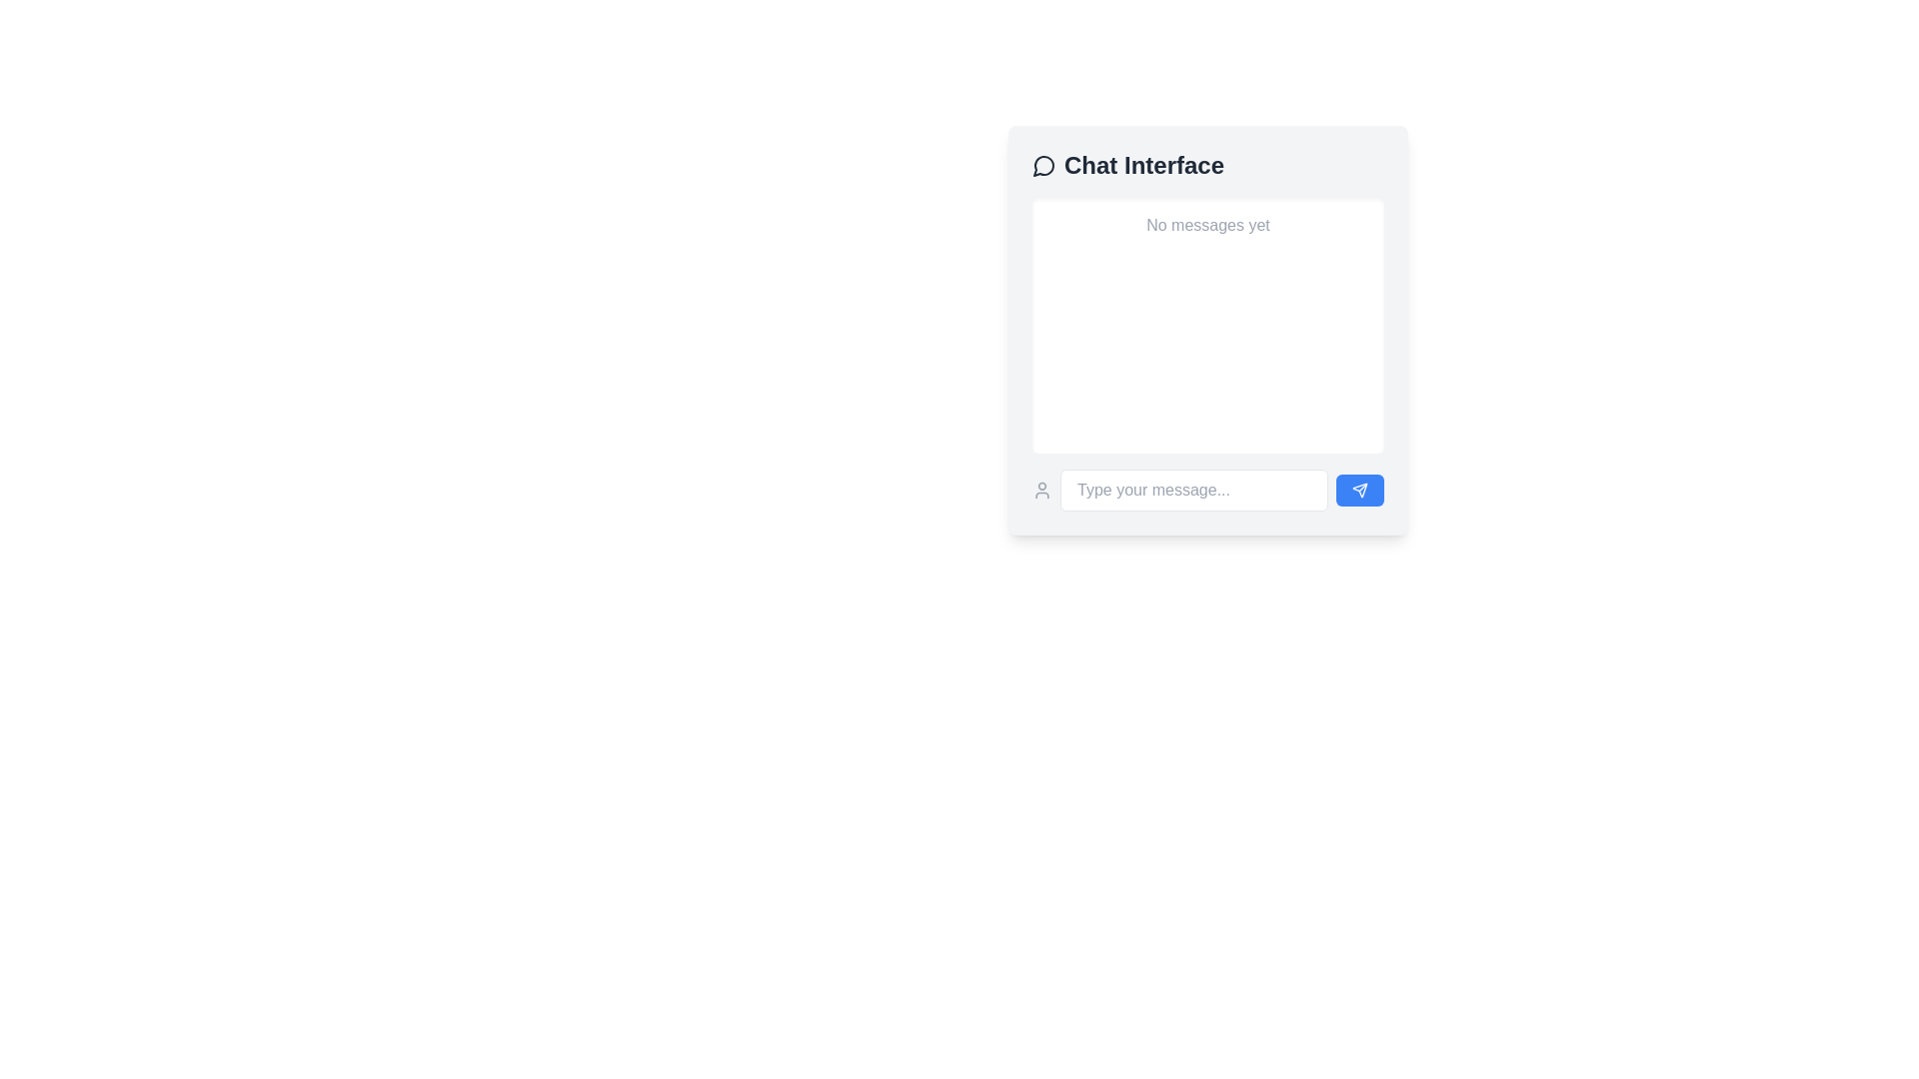 This screenshot has height=1079, width=1919. I want to click on the user avatar icon, which is a compact circular icon with a gray hue located at the bottom left of the chat interface, so click(1040, 490).